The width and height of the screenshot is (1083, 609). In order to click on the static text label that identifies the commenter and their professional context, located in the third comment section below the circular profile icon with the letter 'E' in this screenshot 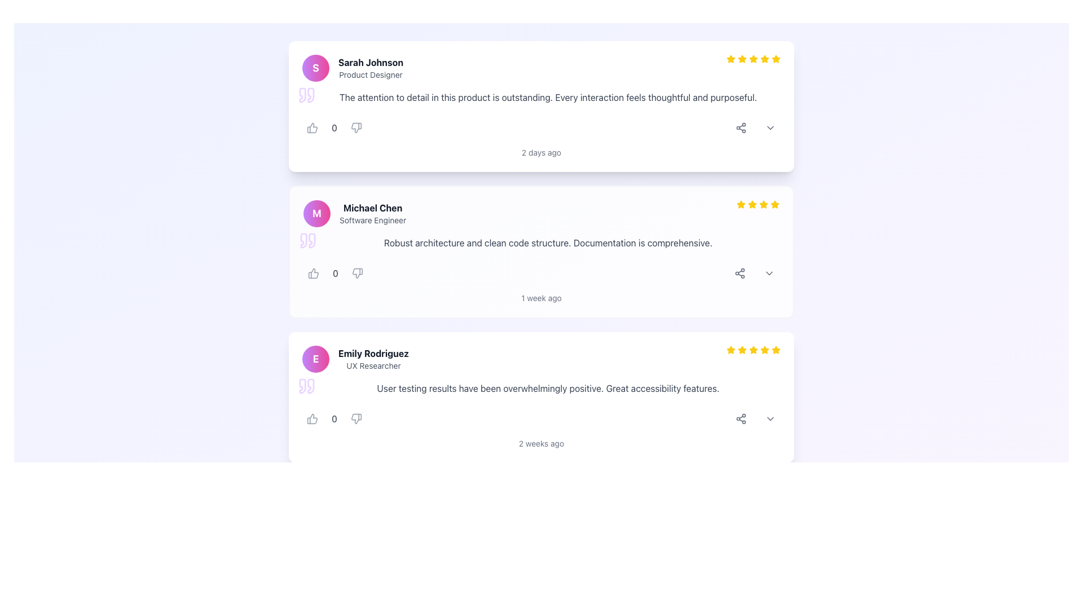, I will do `click(373, 359)`.